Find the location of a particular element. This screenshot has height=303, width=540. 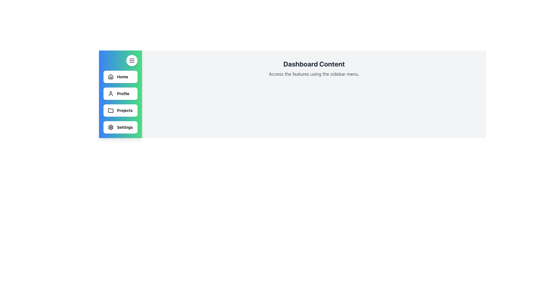

the user profile icon located in the second button labeled 'Profile' in the vertical sidebar menu, positioned on the left side of the interface is located at coordinates (111, 93).